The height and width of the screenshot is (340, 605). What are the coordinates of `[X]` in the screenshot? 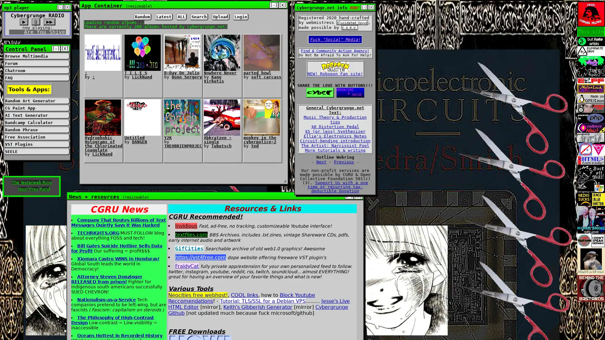 It's located at (65, 48).